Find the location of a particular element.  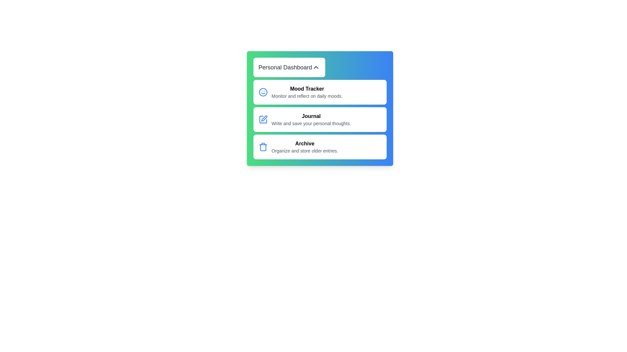

the menu item Mood Tracker to see the hover effect is located at coordinates (320, 92).